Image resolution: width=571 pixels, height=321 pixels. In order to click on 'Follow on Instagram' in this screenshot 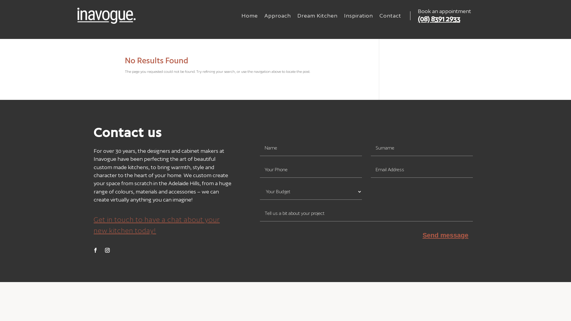, I will do `click(103, 250)`.